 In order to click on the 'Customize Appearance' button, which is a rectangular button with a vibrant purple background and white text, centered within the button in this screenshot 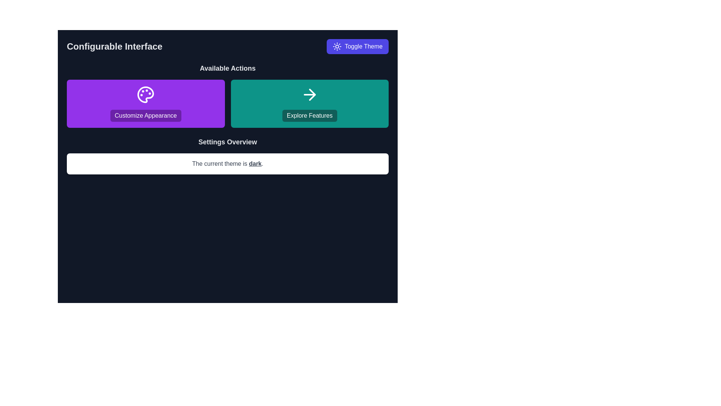, I will do `click(146, 116)`.